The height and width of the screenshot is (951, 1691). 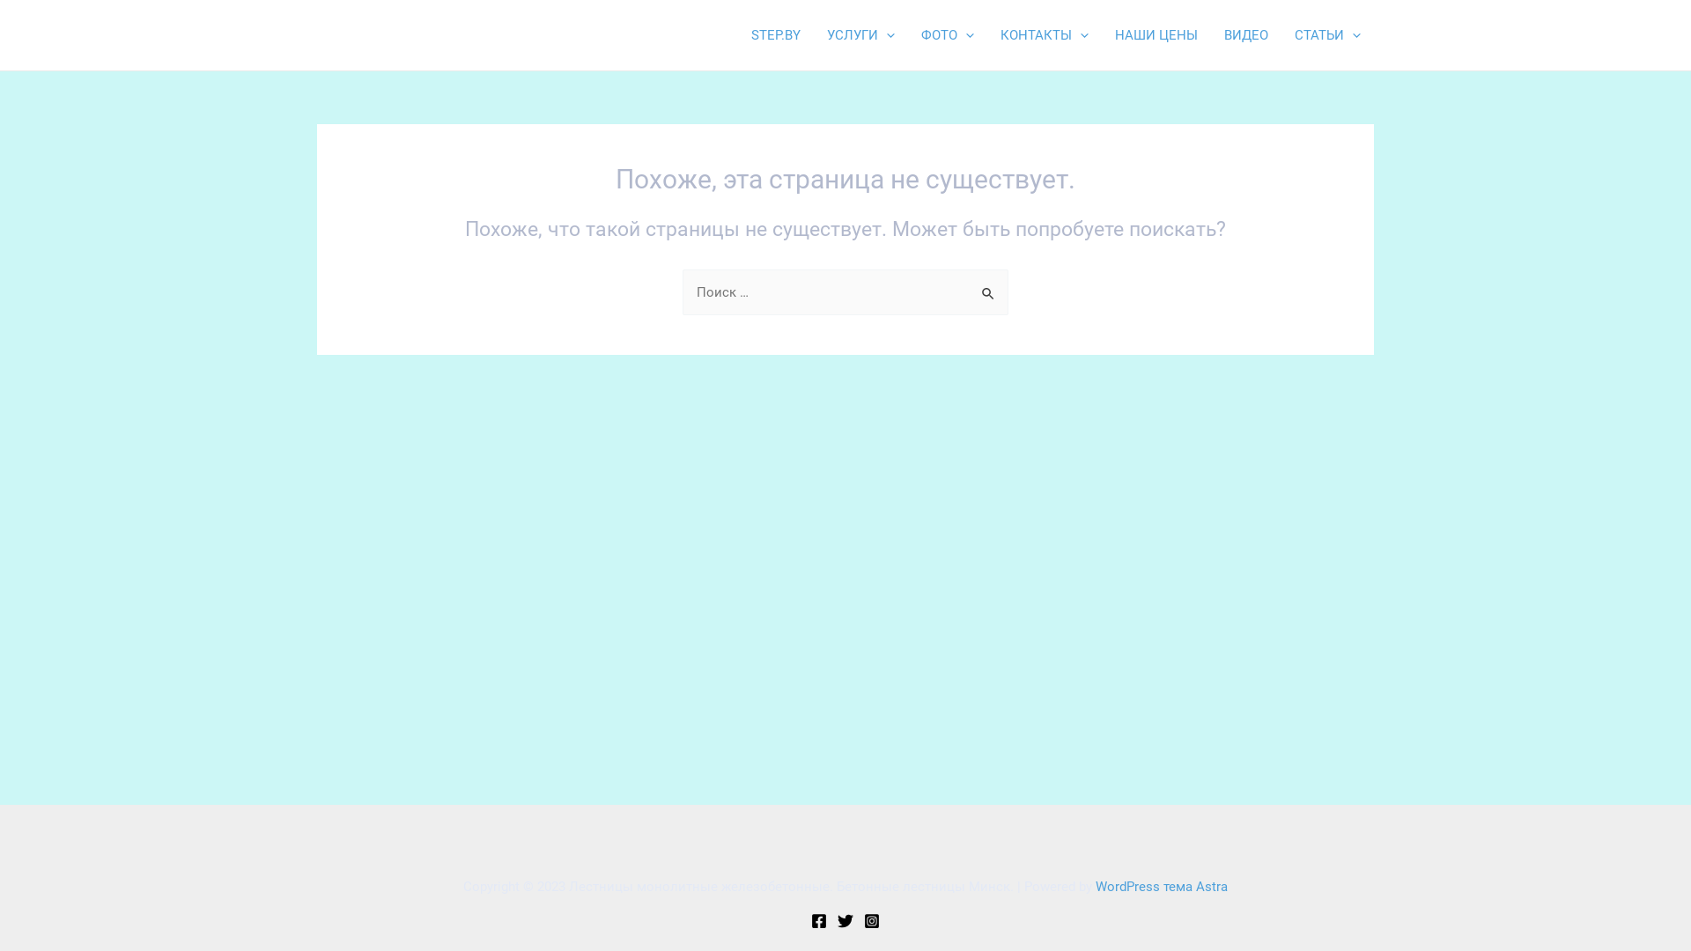 What do you see at coordinates (775, 34) in the screenshot?
I see `'STEP.BY'` at bounding box center [775, 34].